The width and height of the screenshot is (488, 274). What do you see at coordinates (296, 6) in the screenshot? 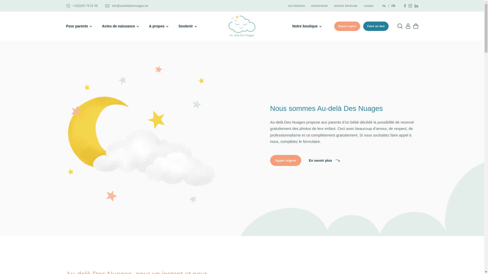
I see `'vos histoires'` at bounding box center [296, 6].